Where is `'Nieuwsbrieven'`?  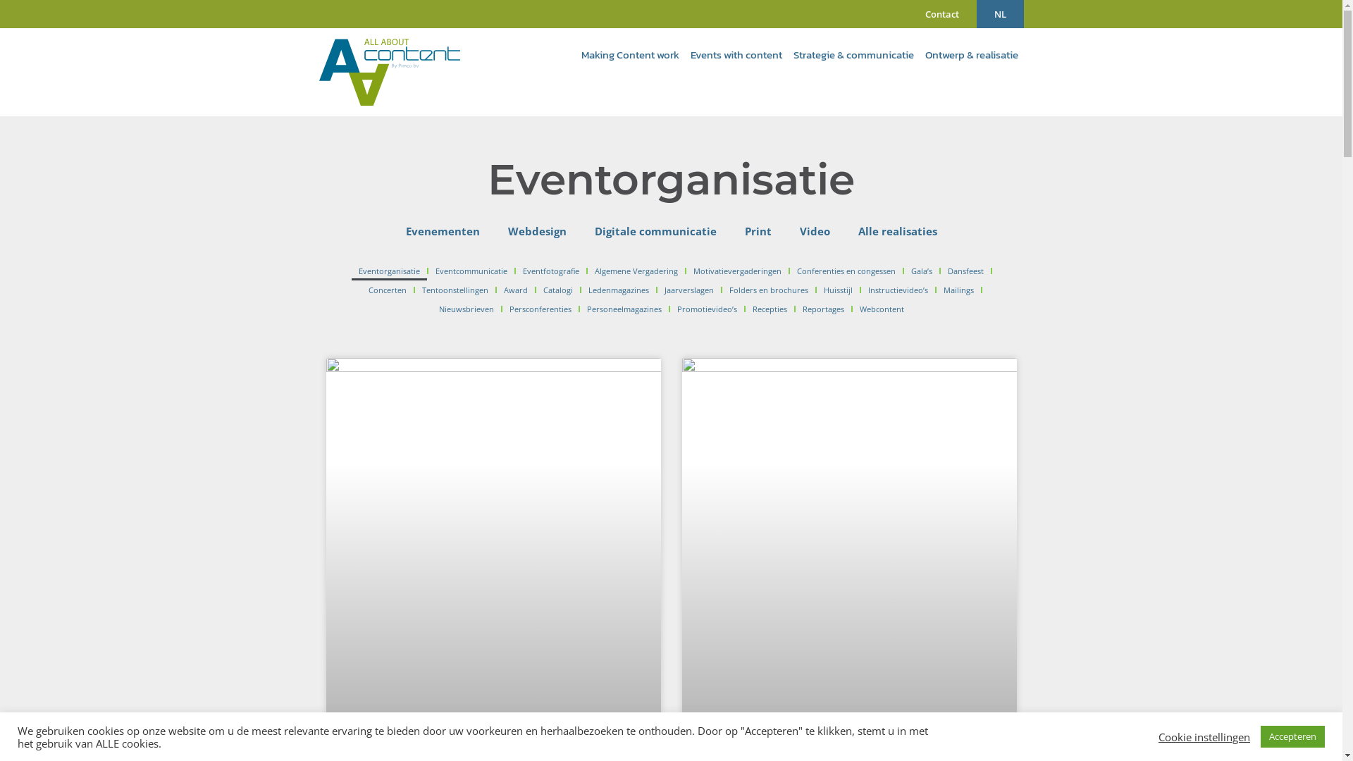
'Nieuwsbrieven' is located at coordinates (430, 309).